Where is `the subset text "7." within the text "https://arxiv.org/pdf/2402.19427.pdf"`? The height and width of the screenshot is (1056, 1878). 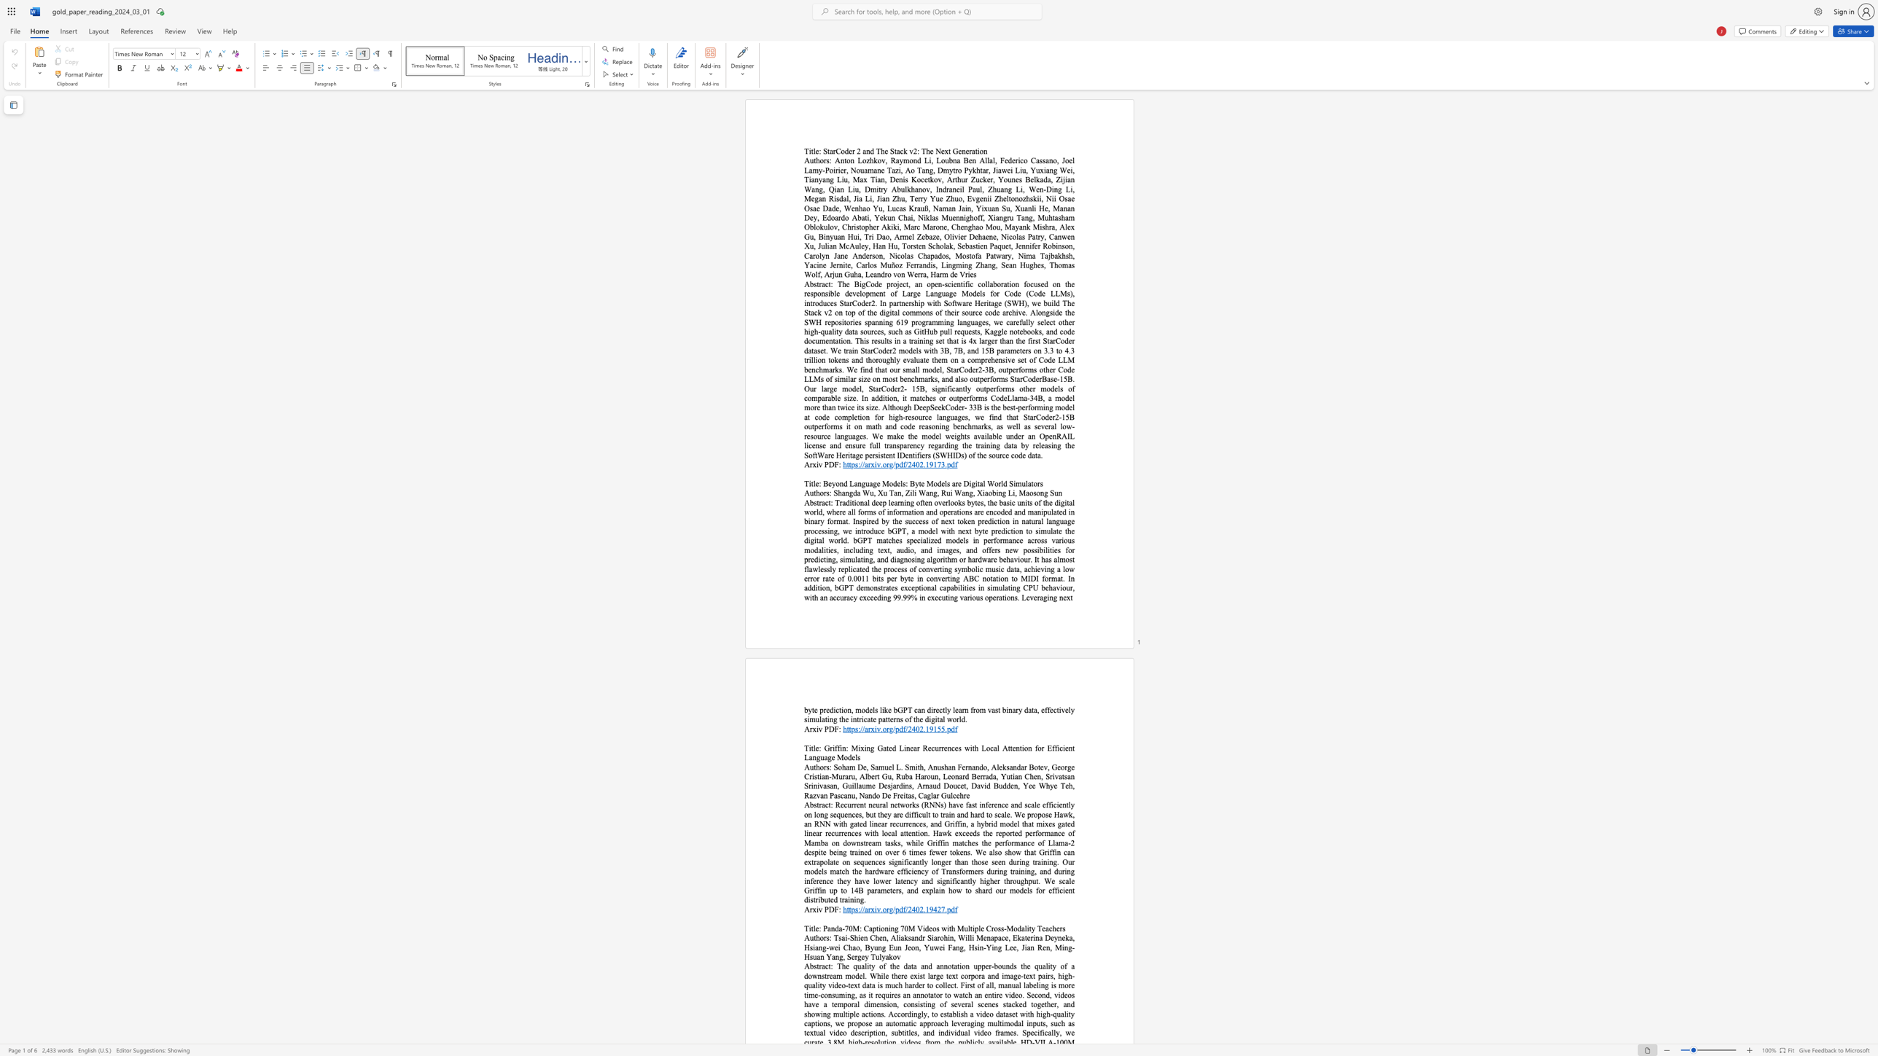
the subset text "7." within the text "https://arxiv.org/pdf/2402.19427.pdf" is located at coordinates (941, 910).